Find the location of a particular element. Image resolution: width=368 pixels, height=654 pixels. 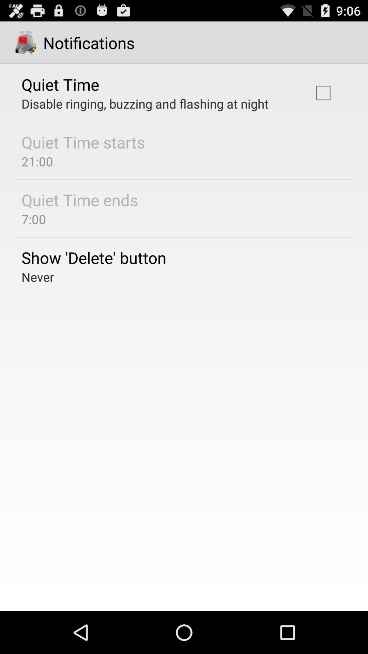

icon above the never is located at coordinates (94, 257).